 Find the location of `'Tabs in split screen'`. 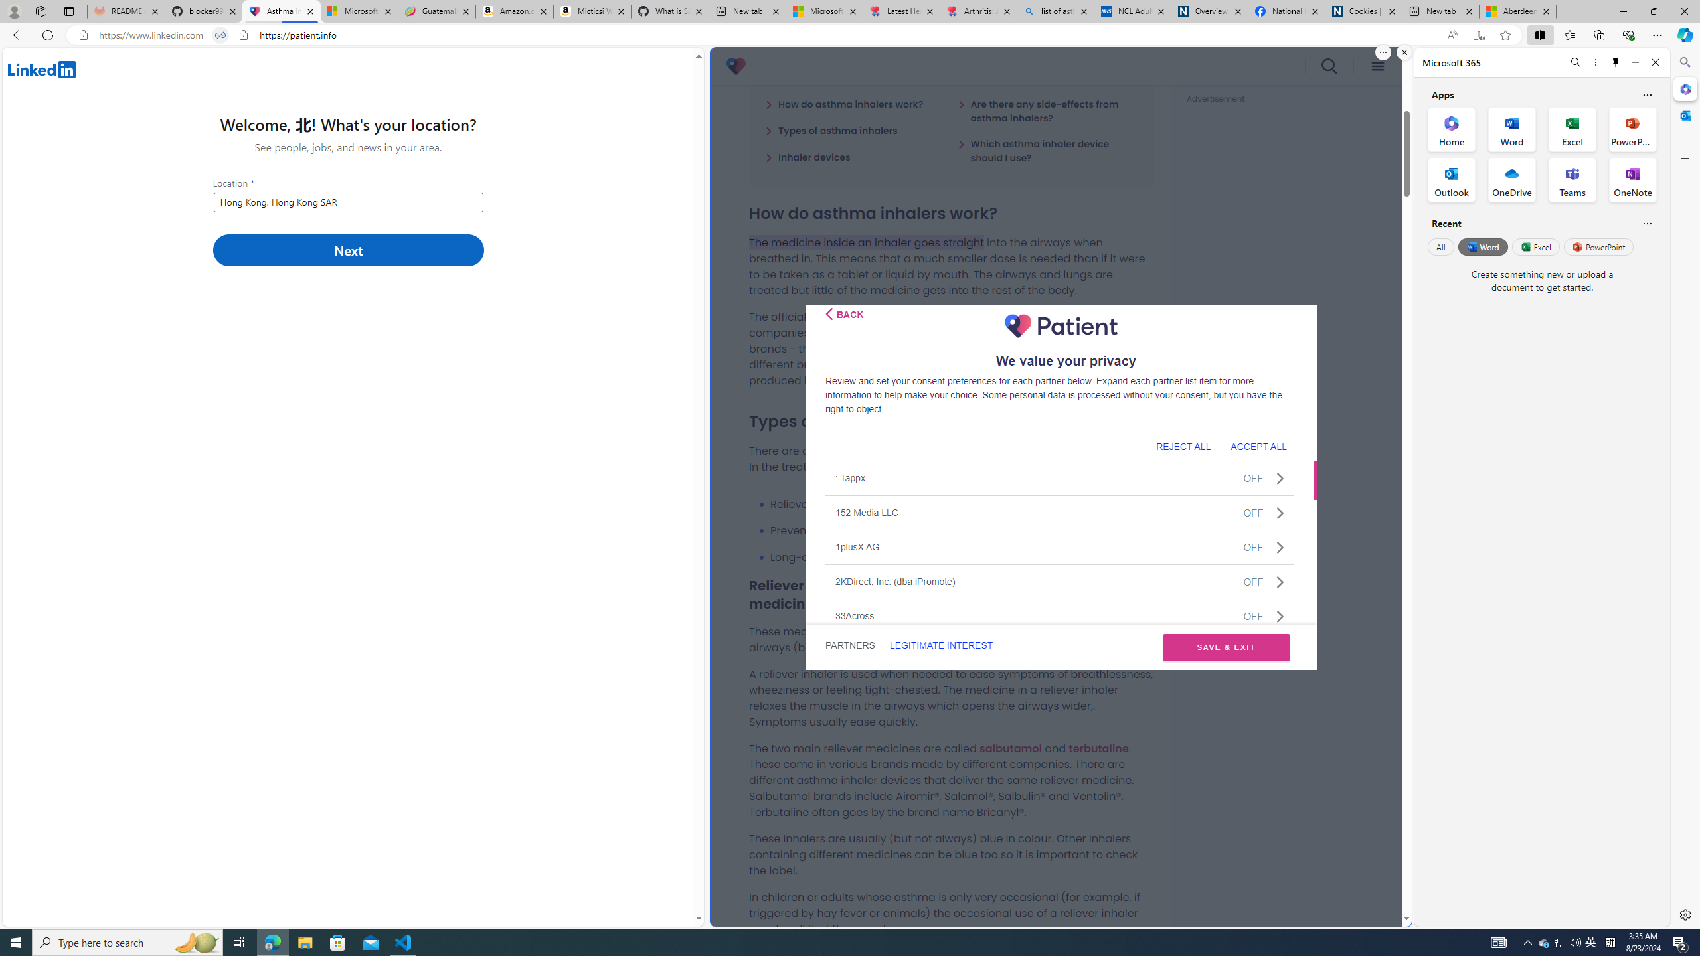

'Tabs in split screen' is located at coordinates (220, 35).